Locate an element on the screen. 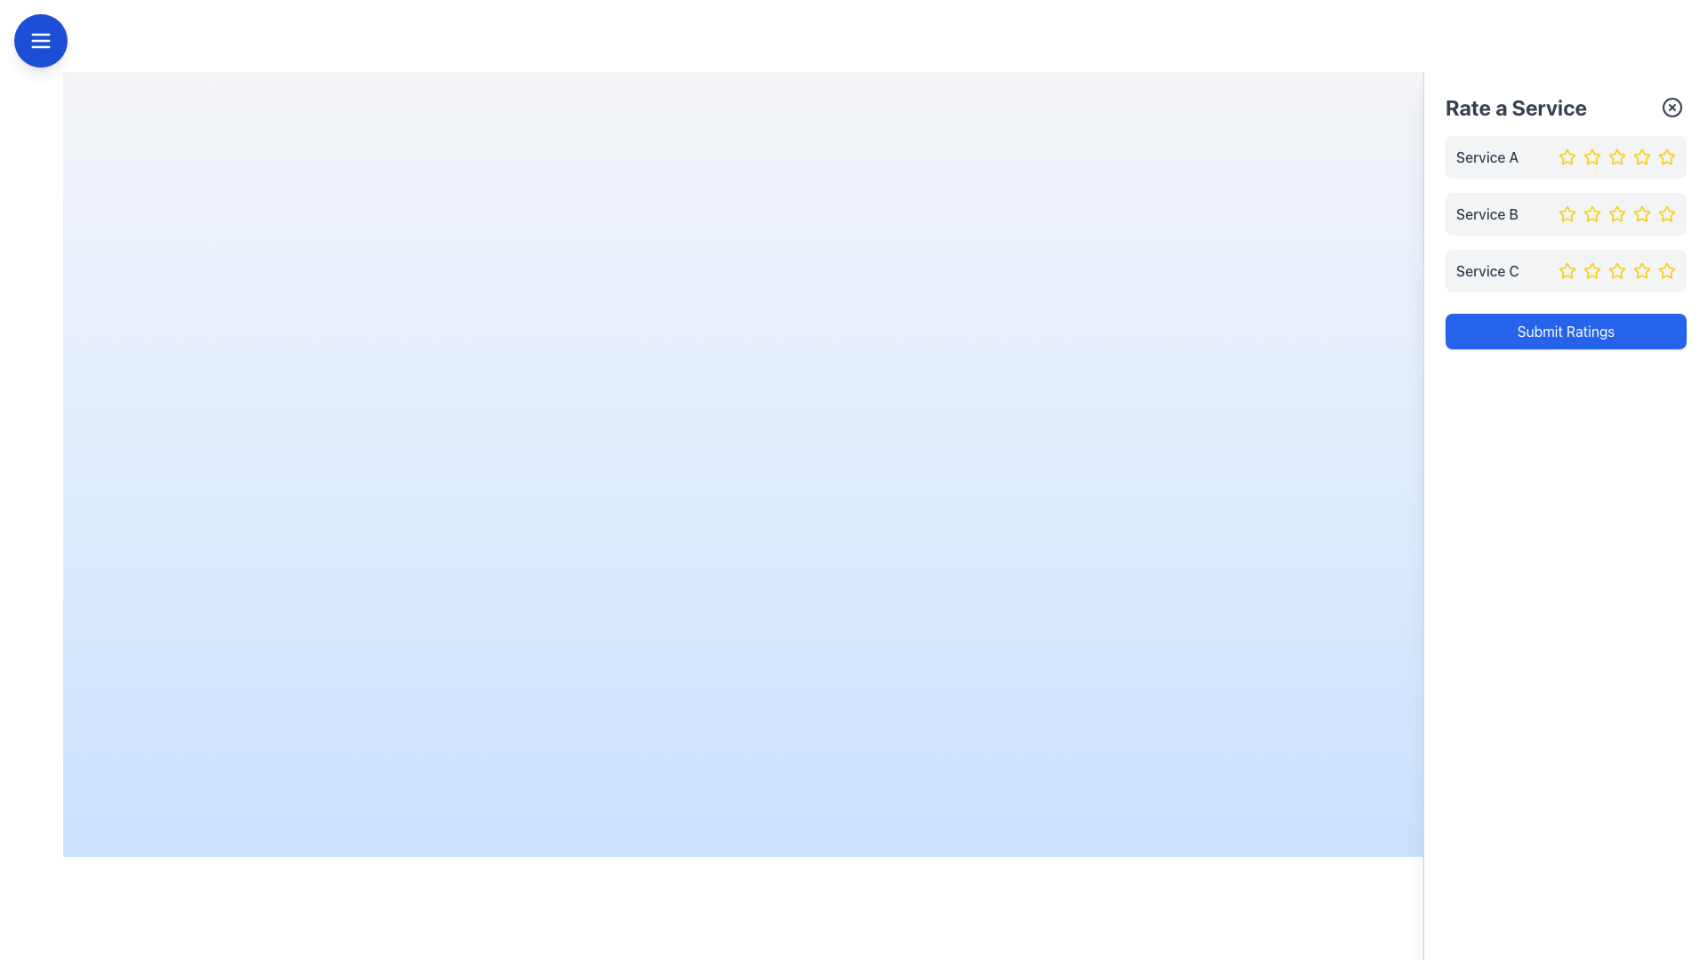 The width and height of the screenshot is (1708, 960). the third yellow star icon in the rating system under 'Service B' in the 'Rate a Service' section is located at coordinates (1567, 212).